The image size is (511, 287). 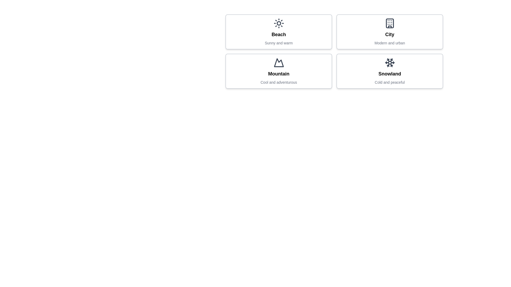 I want to click on the stylized building icon located in the 'City' box in the top right quadrant of the grid, characterized by rounded corners and dot-like window details, so click(x=390, y=23).